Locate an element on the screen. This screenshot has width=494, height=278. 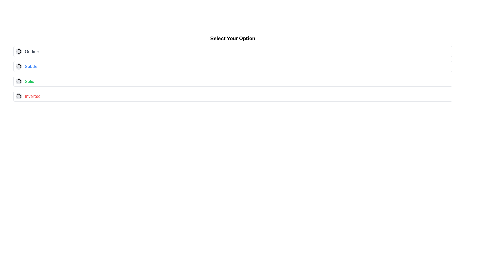
the circular radio button with a gray background and black border, located in the first row of options next to the text 'Outline' is located at coordinates (19, 51).